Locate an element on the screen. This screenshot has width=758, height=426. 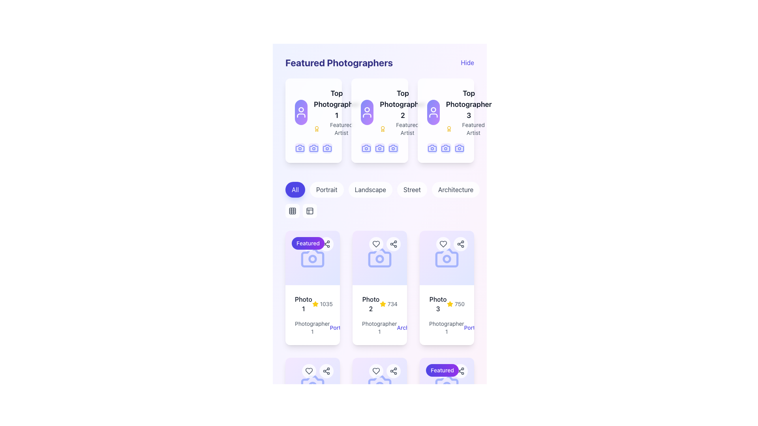
text label that displays 'Photographer 1', which is located under the 'Photo 1' heading in a card-like UI component is located at coordinates (312, 328).